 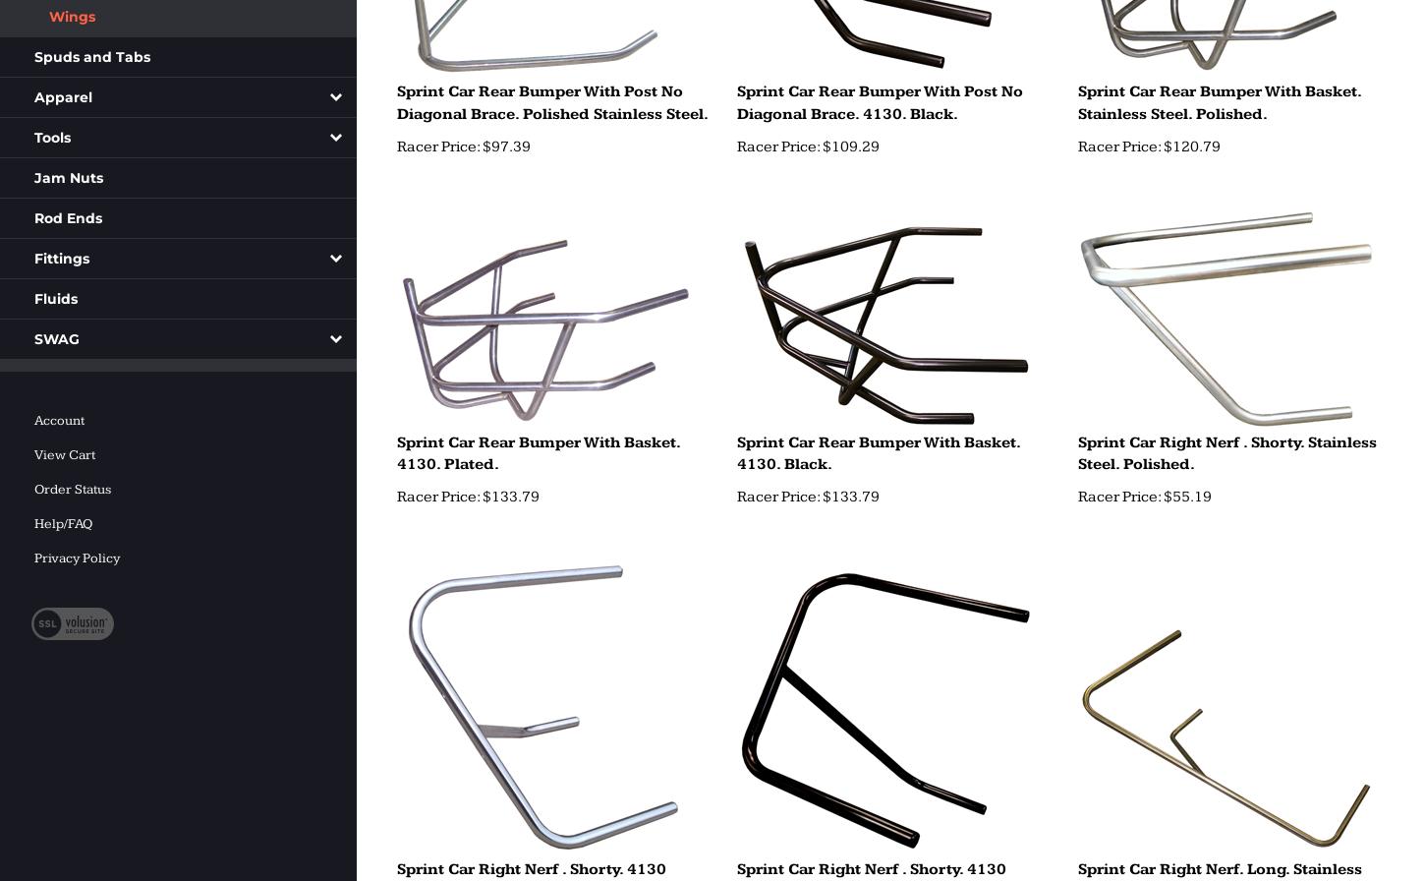 What do you see at coordinates (63, 524) in the screenshot?
I see `'Help/FAQ'` at bounding box center [63, 524].